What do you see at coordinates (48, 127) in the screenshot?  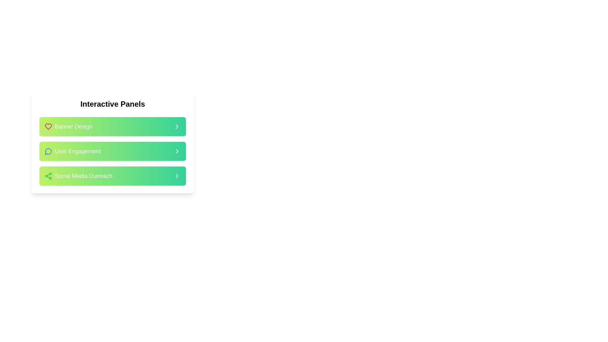 I see `the heart-shaped vector graphic icon, which is styled in a pinkish hue and is part of a list of interactive items, aligned next to the text 'Banner Design'` at bounding box center [48, 127].